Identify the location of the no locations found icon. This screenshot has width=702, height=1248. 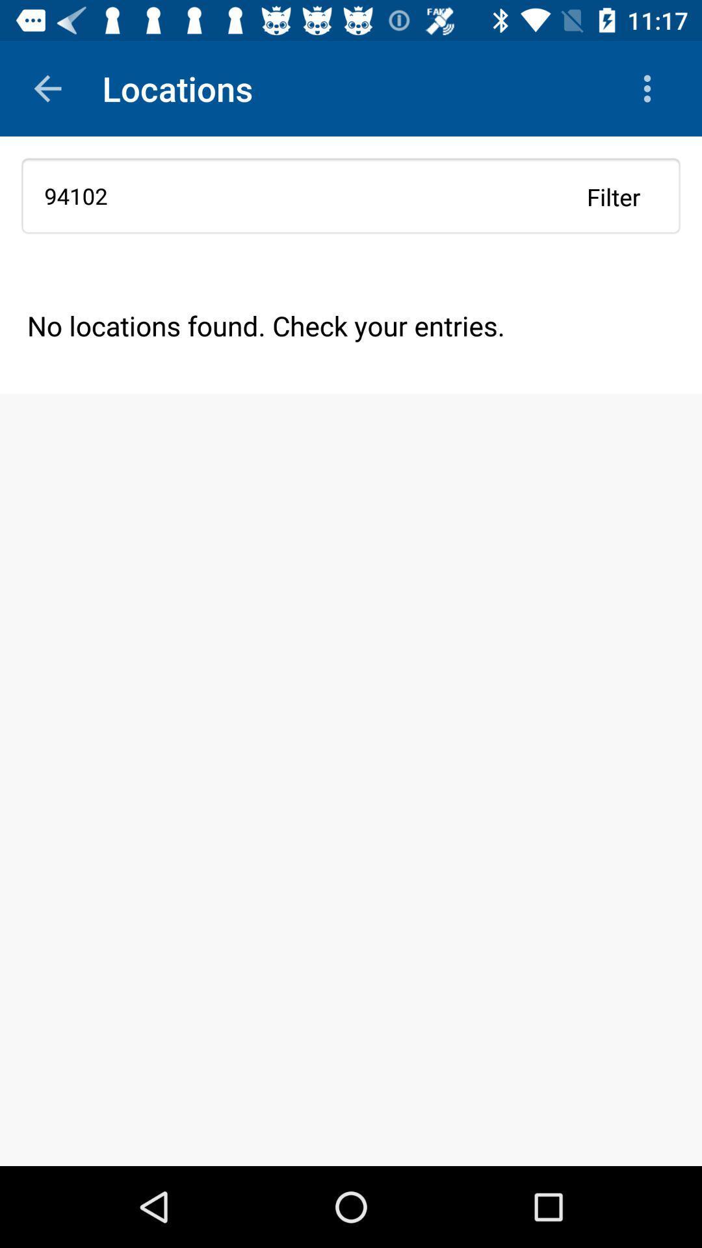
(351, 325).